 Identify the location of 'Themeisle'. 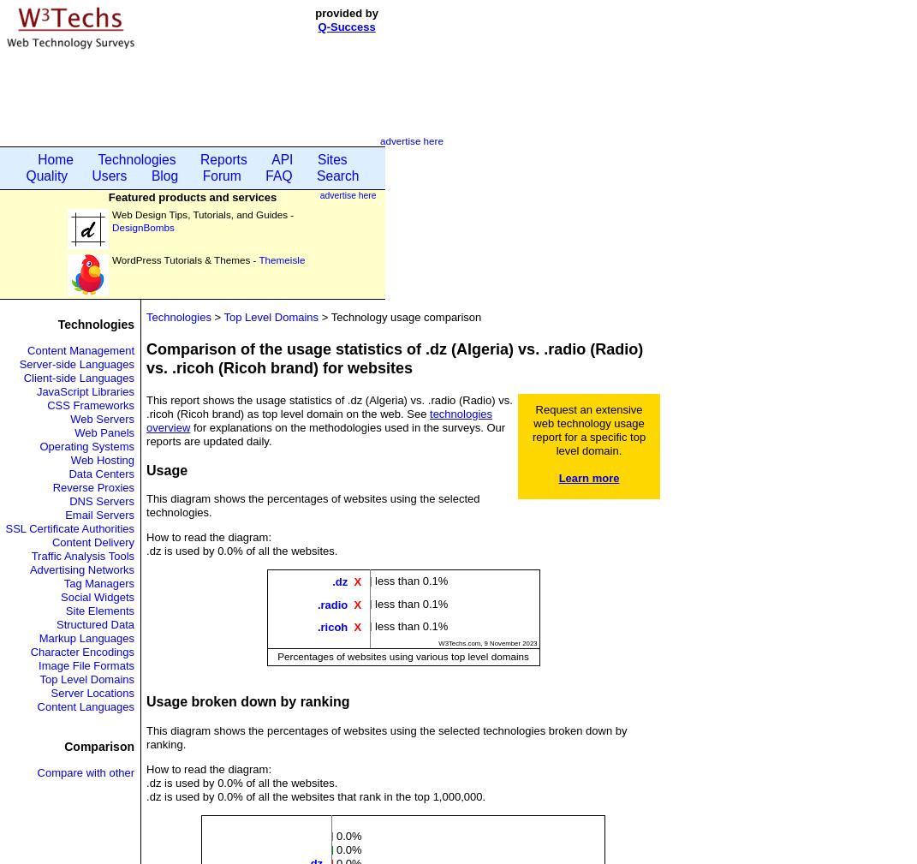
(281, 259).